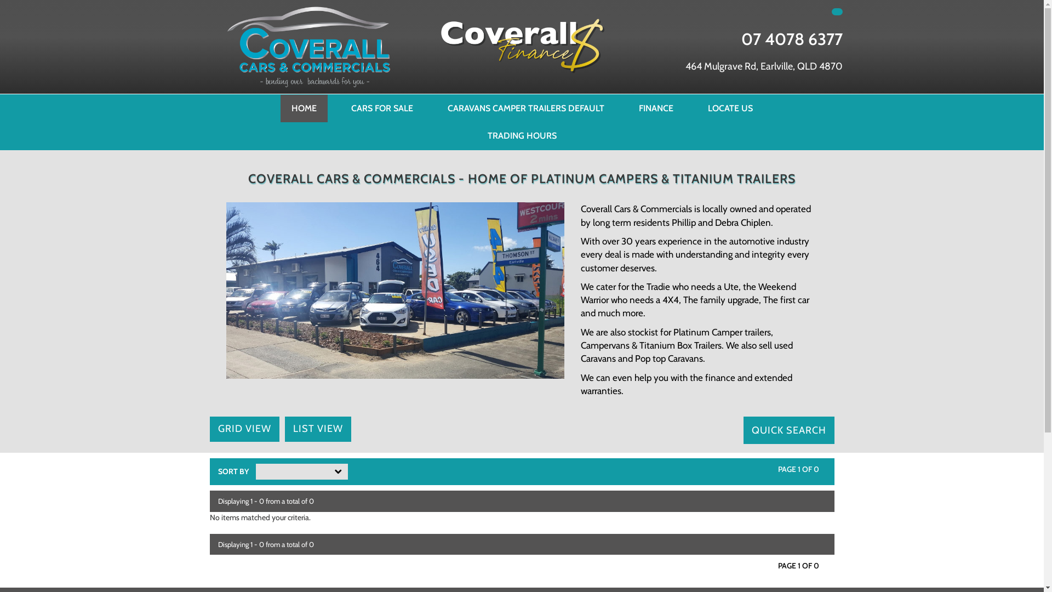  Describe the element at coordinates (522, 135) in the screenshot. I see `'TRADING HOURS'` at that location.